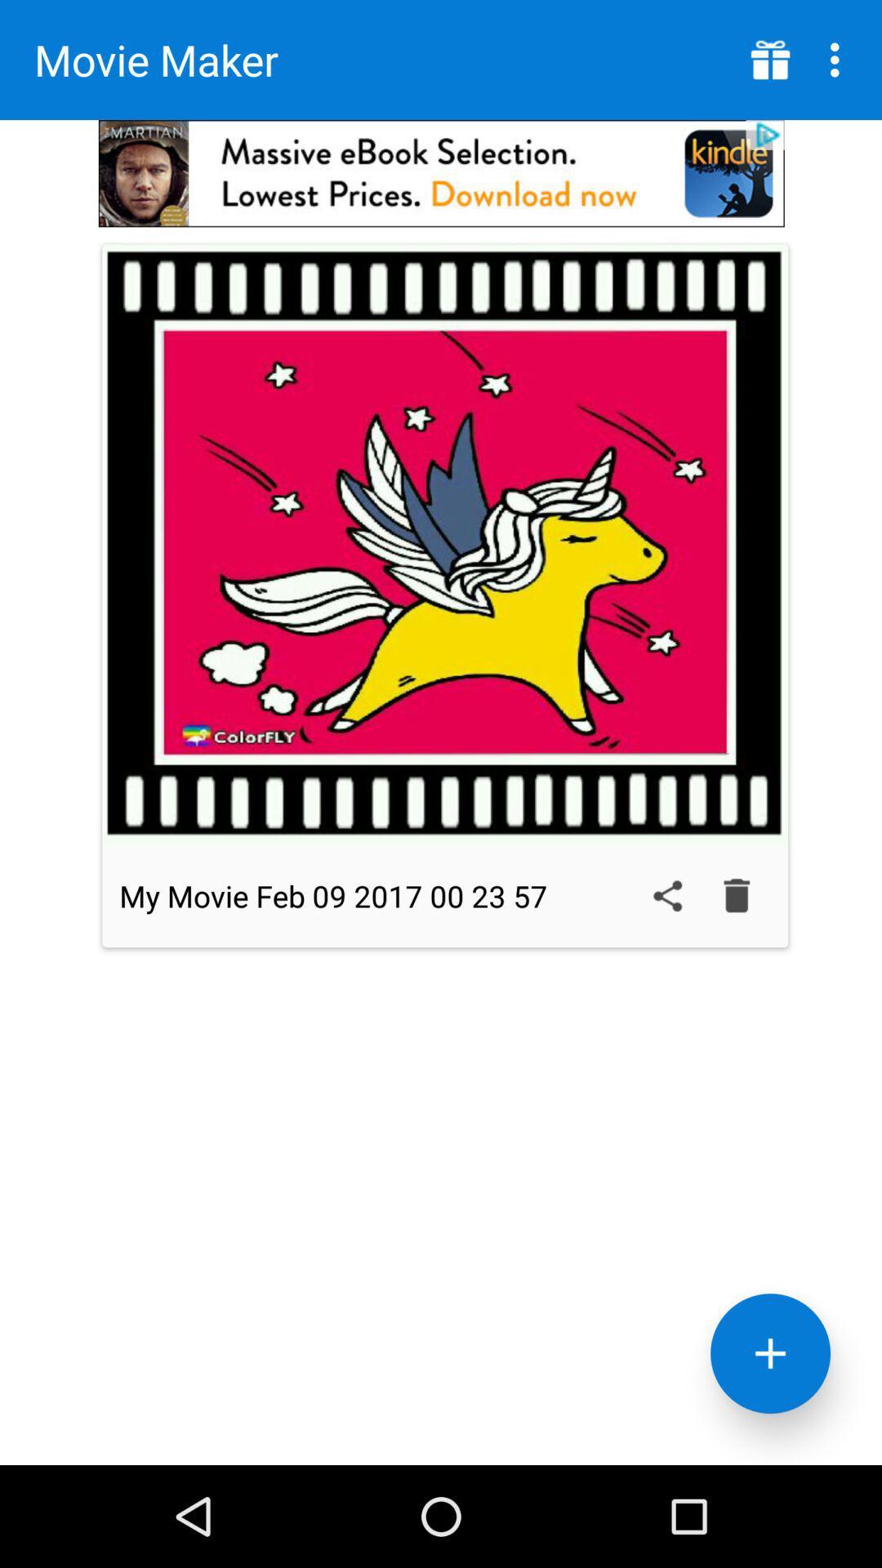  I want to click on share image, so click(668, 895).